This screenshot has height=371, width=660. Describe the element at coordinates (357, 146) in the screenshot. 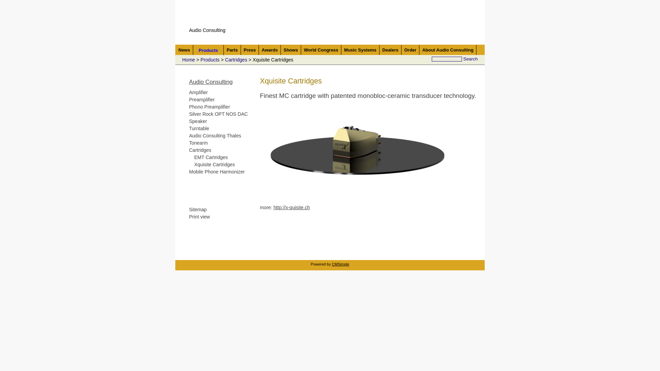

I see `'Xquisite Cartrige'` at that location.